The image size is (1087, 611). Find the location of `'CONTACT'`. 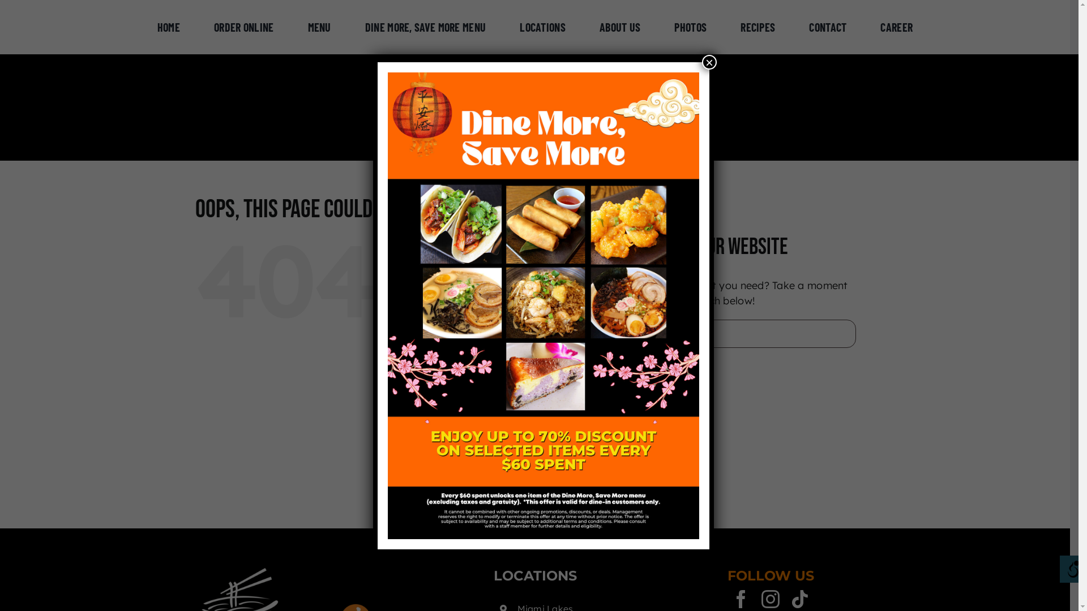

'CONTACT' is located at coordinates (828, 26).